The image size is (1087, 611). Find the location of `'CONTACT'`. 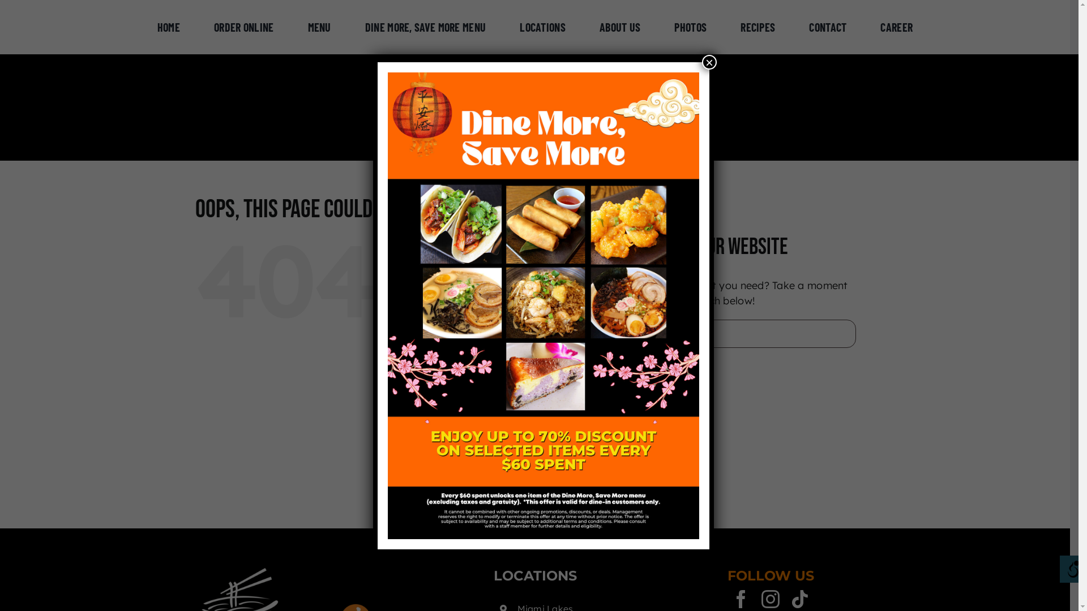

'CONTACT' is located at coordinates (828, 26).